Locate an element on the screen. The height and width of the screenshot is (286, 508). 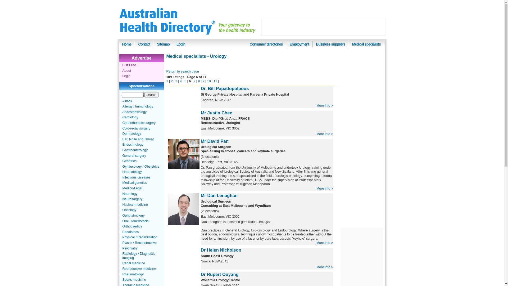
'Login' is located at coordinates (176, 44).